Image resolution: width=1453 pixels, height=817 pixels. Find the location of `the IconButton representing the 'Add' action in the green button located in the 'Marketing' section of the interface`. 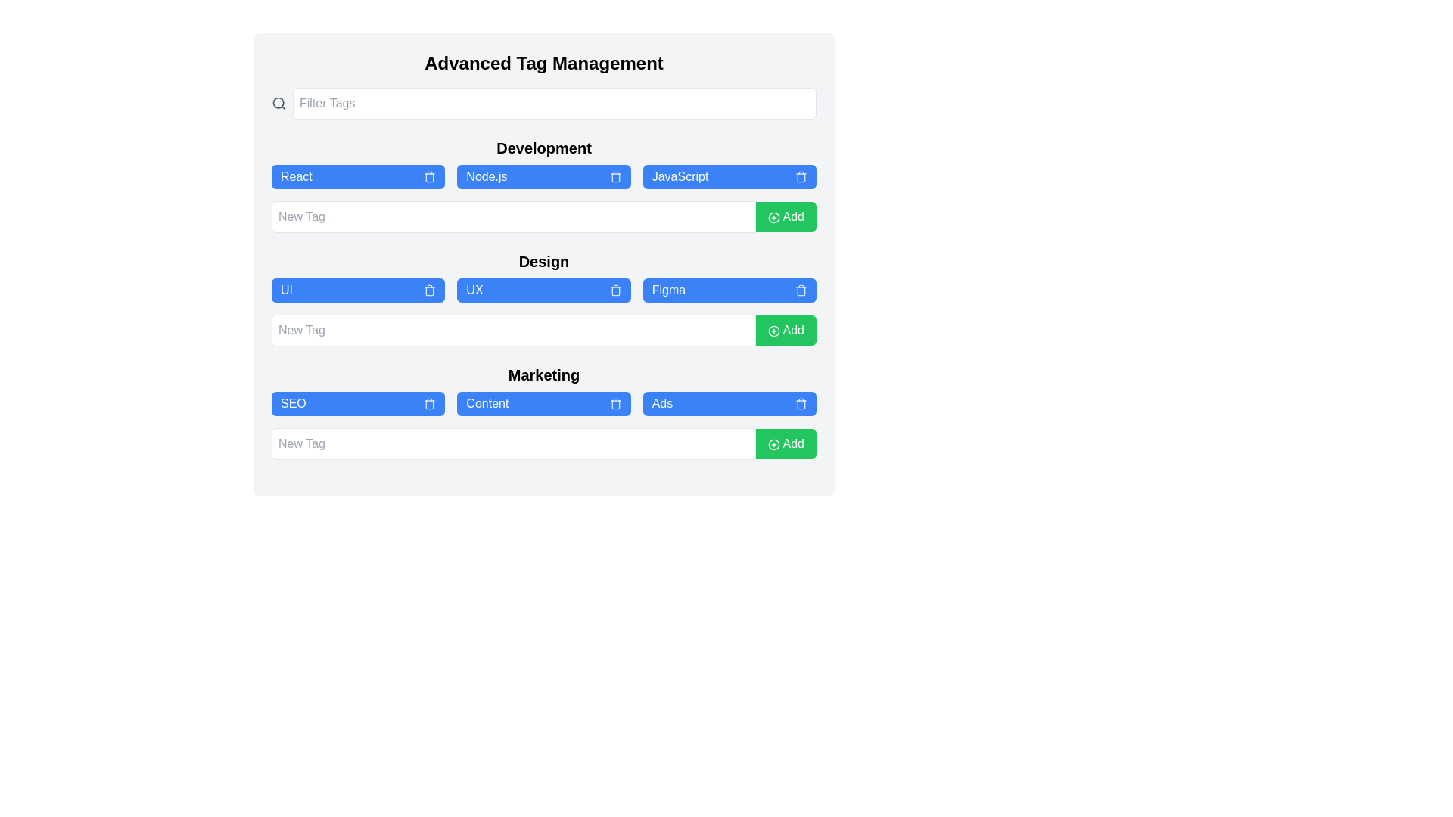

the IconButton representing the 'Add' action in the green button located in the 'Marketing' section of the interface is located at coordinates (773, 443).